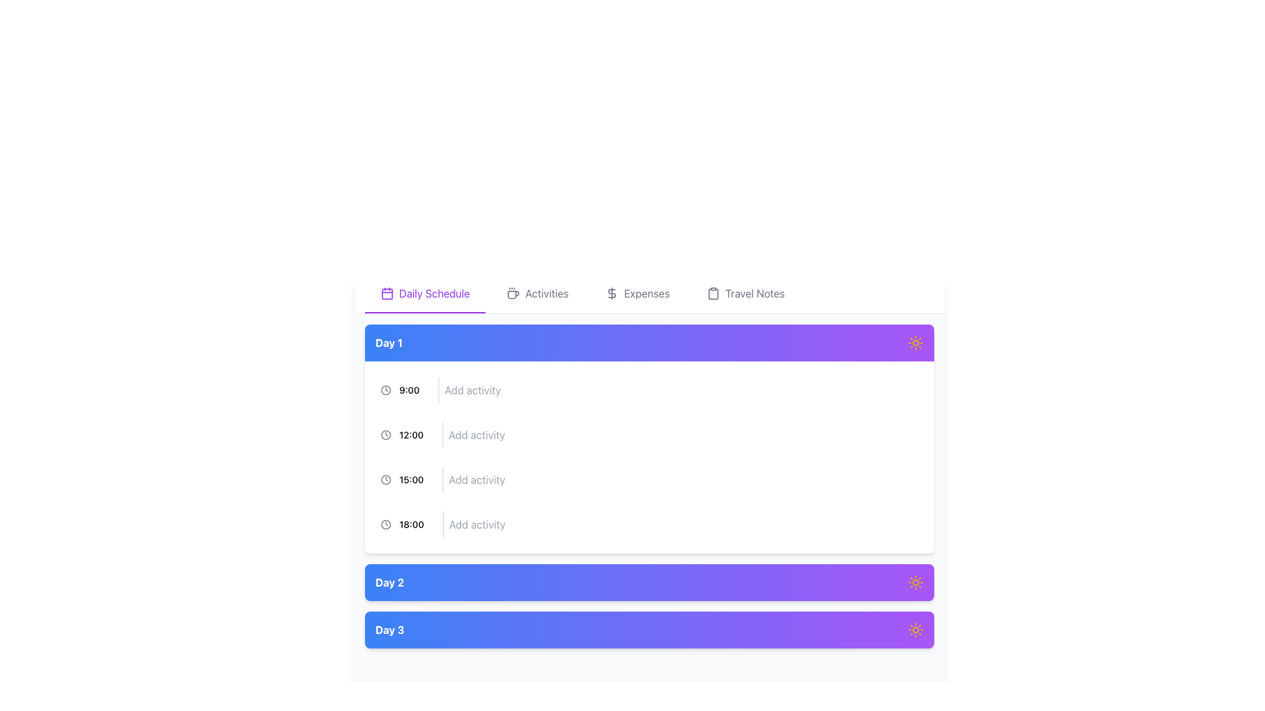 The width and height of the screenshot is (1265, 711). What do you see at coordinates (389, 629) in the screenshot?
I see `header text labeled 'Day 3', which is positioned near the bottom of the list-like interface under the 'Day 2' header` at bounding box center [389, 629].